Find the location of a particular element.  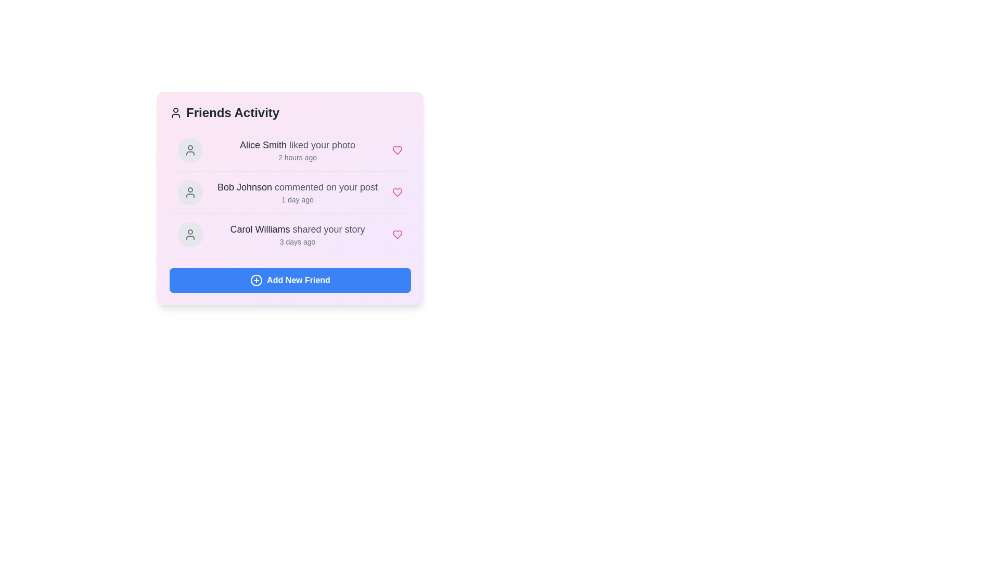

the activity item corresponding to Bob Johnson commented on your post is located at coordinates (290, 192).